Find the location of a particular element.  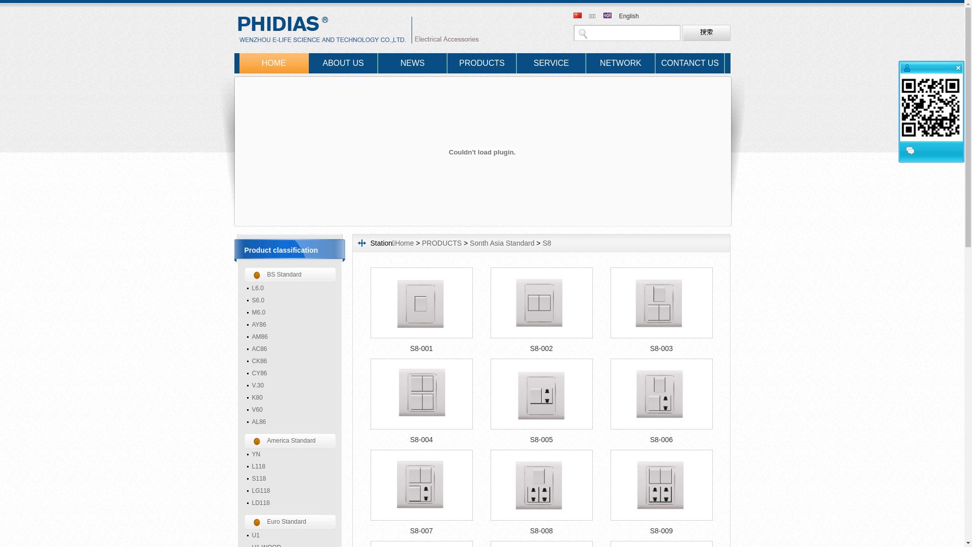

'V60' is located at coordinates (290, 409).